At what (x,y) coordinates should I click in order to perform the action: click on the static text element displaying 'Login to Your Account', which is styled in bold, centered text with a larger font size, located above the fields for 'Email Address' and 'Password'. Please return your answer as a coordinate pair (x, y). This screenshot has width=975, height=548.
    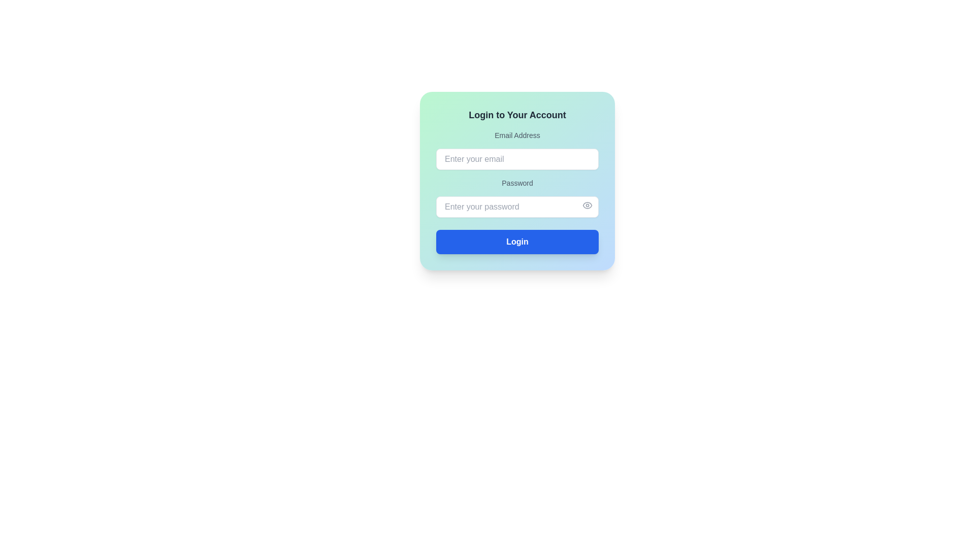
    Looking at the image, I should click on (517, 115).